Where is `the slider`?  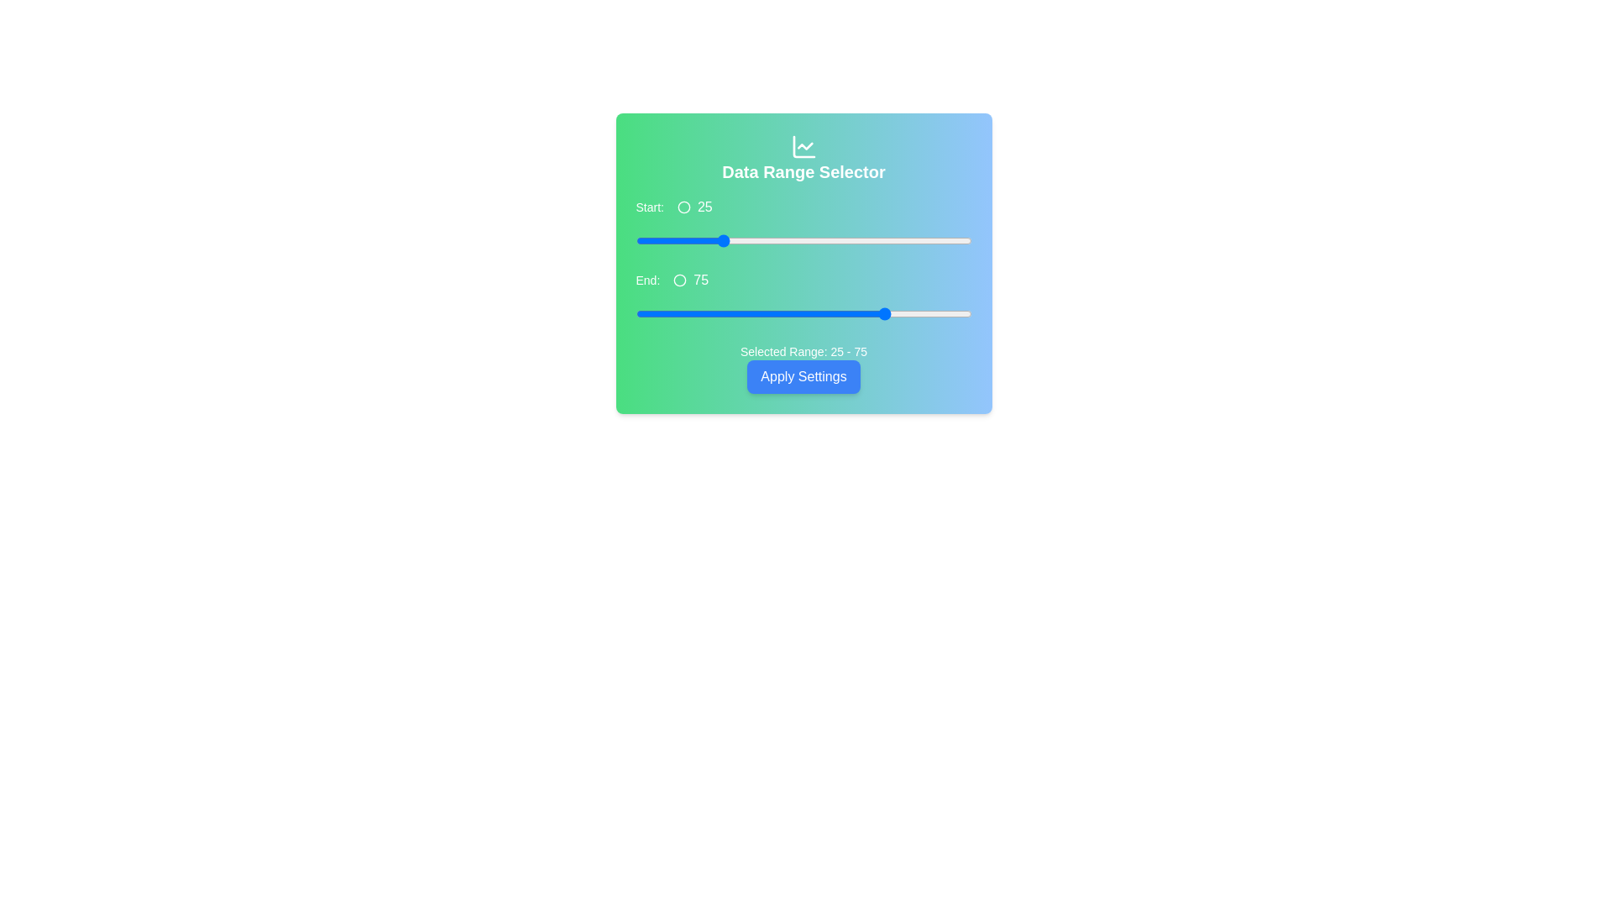
the slider is located at coordinates (668, 240).